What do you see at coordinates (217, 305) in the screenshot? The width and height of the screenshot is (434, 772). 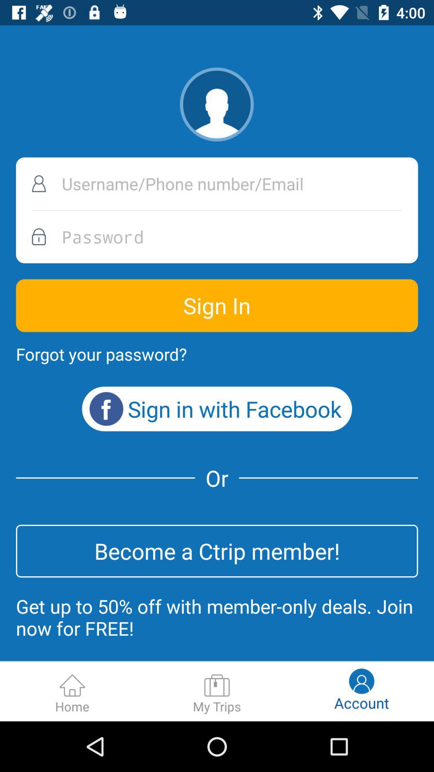 I see `sign in` at bounding box center [217, 305].